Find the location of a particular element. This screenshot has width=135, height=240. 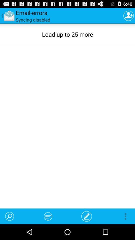

the icon at the bottom left corner is located at coordinates (9, 216).